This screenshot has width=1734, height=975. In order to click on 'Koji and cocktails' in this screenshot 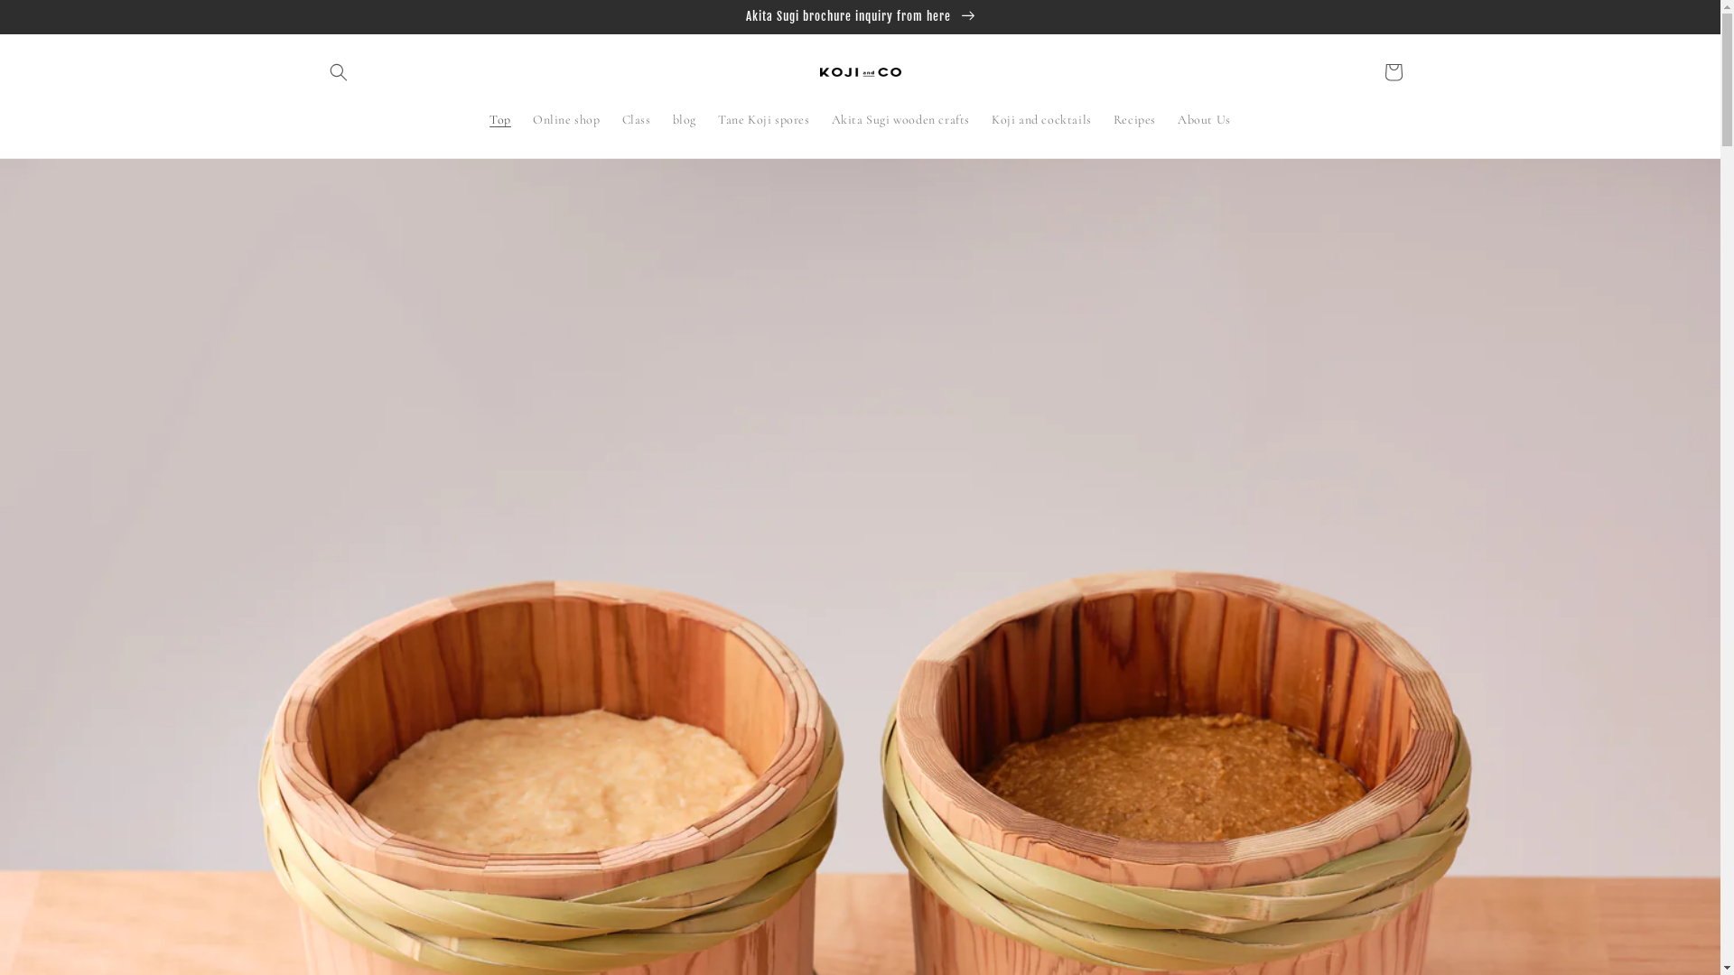, I will do `click(1041, 119)`.